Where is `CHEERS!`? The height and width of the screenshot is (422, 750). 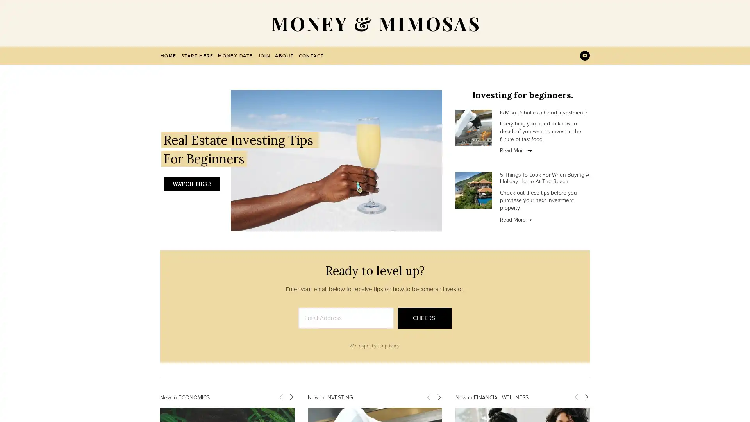
CHEERS! is located at coordinates (424, 318).